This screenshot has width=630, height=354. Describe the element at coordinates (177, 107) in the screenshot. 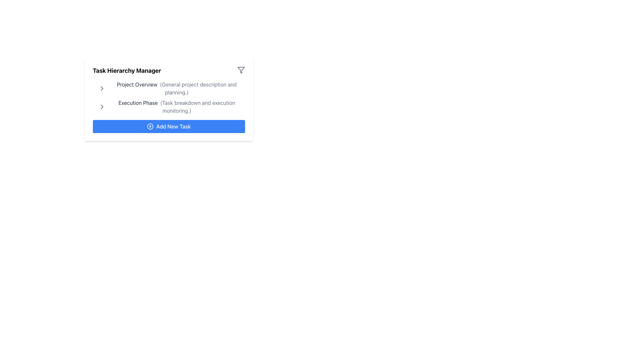

I see `the Label with descriptive text under the 'Task Hierarchy Manager' section to potentially expand details` at that location.